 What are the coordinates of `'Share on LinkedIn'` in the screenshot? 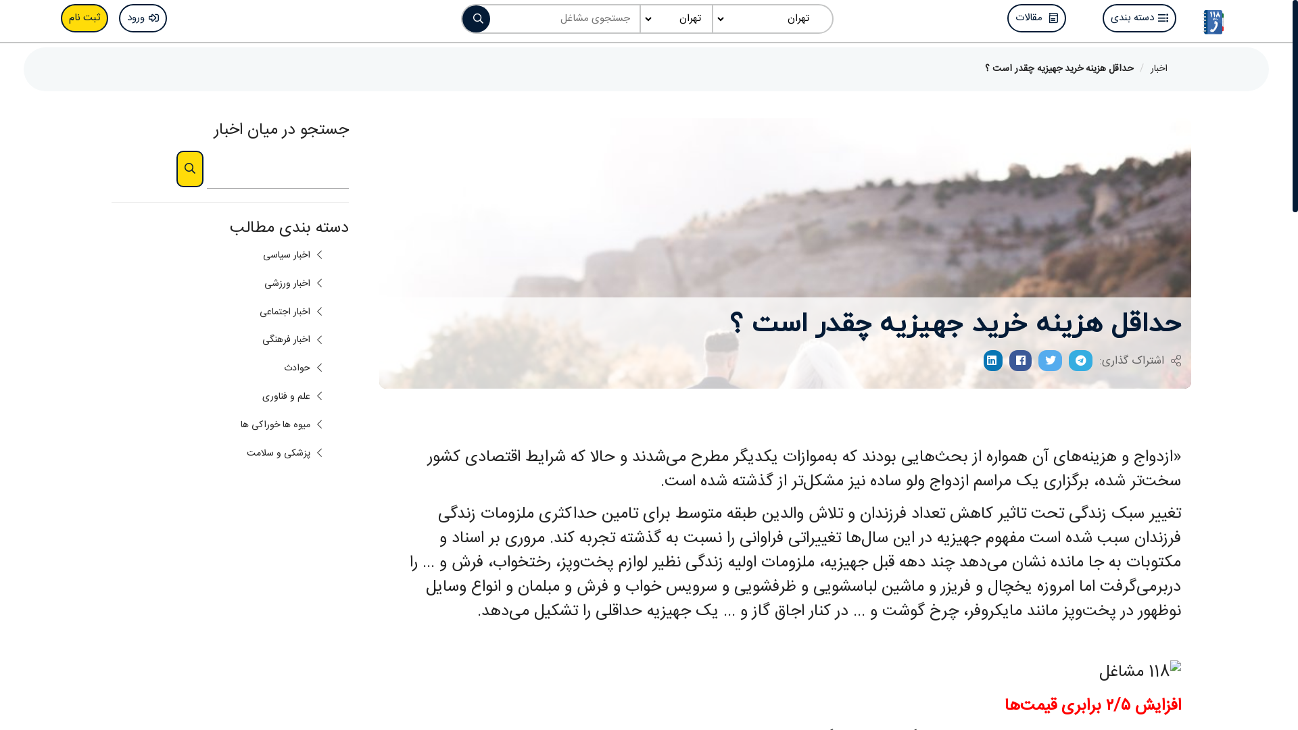 It's located at (992, 360).